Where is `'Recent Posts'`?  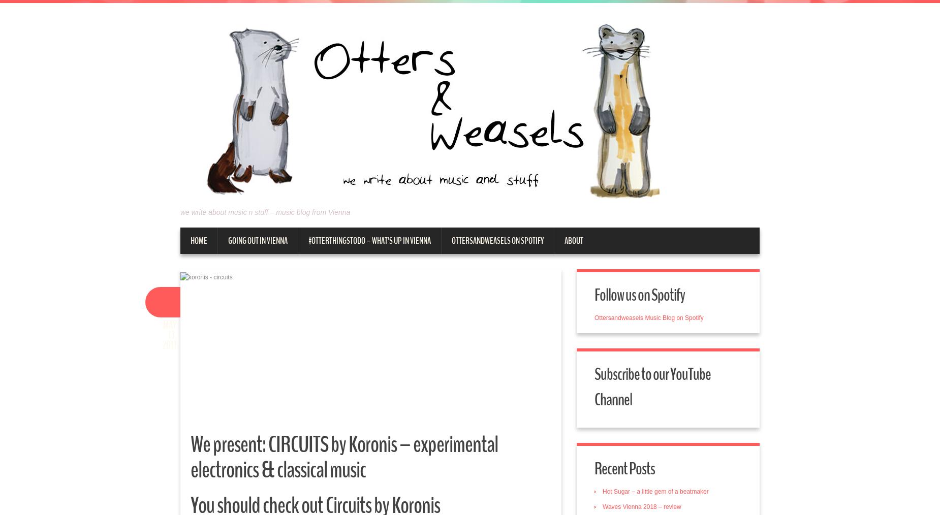
'Recent Posts' is located at coordinates (624, 468).